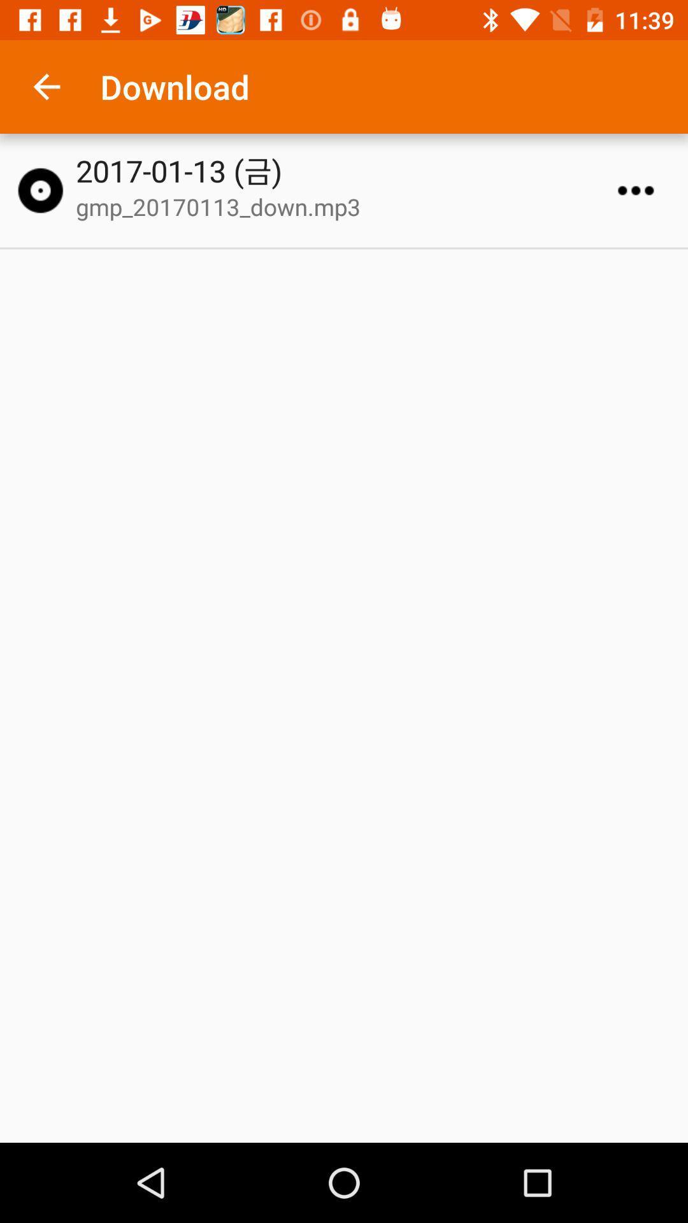  What do you see at coordinates (636, 190) in the screenshot?
I see `show details/options` at bounding box center [636, 190].